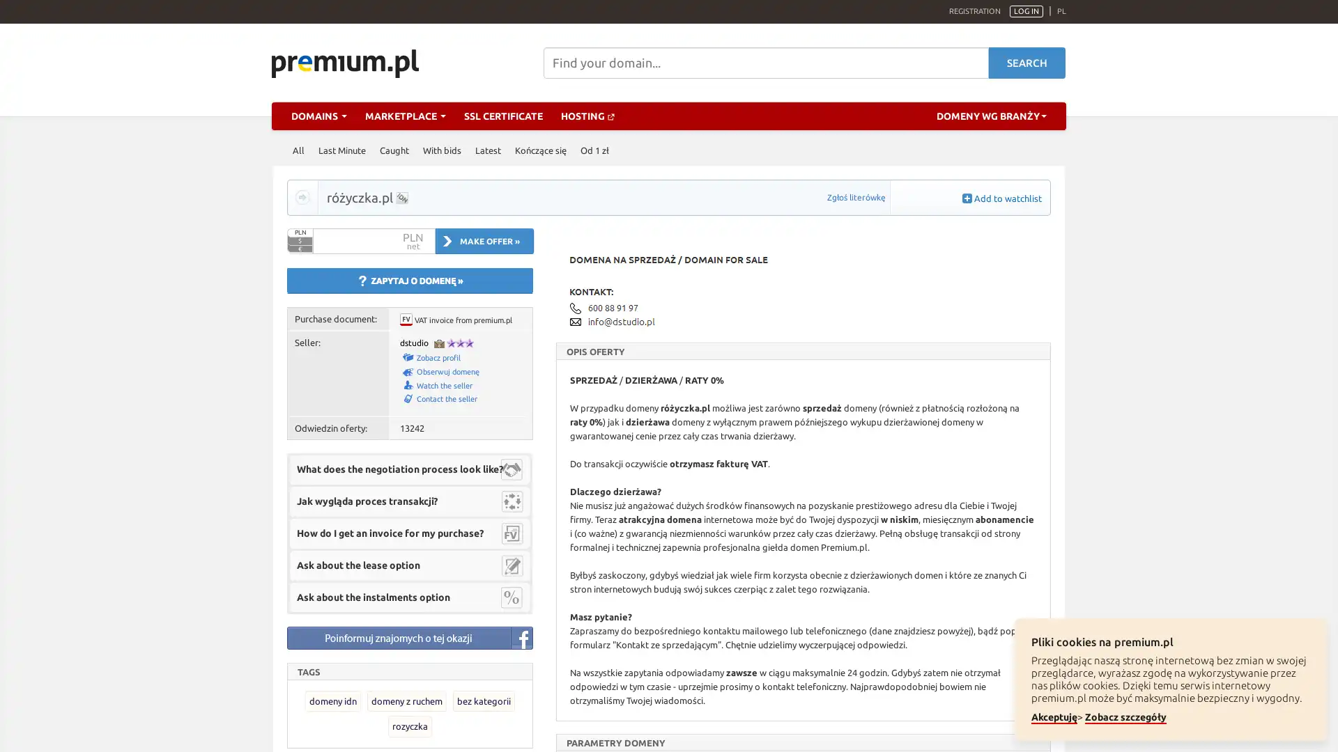 The image size is (1338, 752). What do you see at coordinates (485, 240) in the screenshot?
I see `Make offer` at bounding box center [485, 240].